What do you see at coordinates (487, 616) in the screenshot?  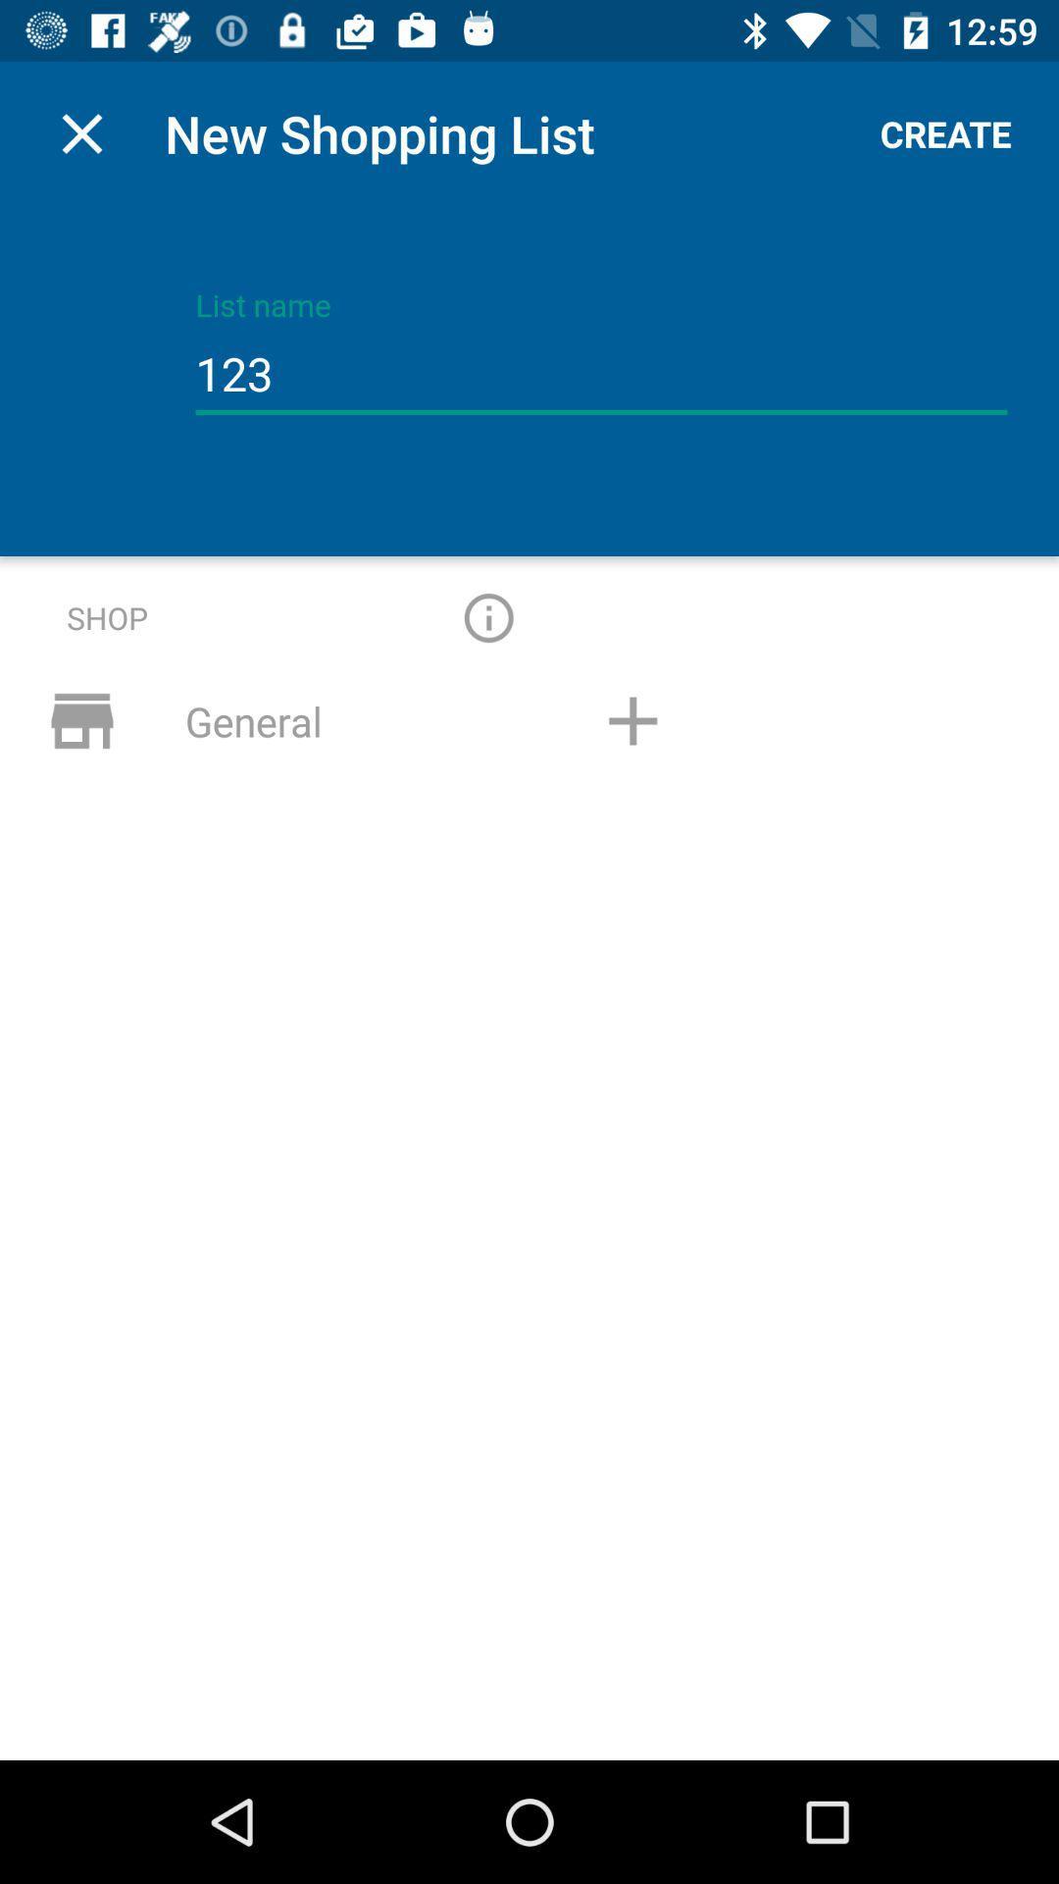 I see `give more information` at bounding box center [487, 616].